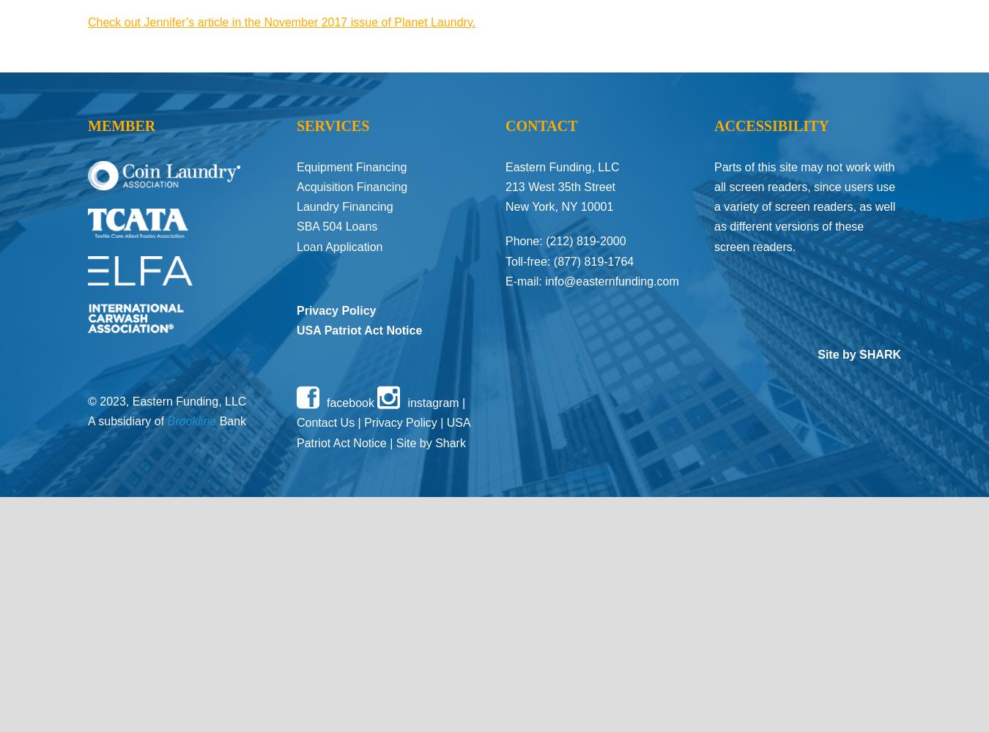 Image resolution: width=989 pixels, height=732 pixels. Describe the element at coordinates (336, 226) in the screenshot. I see `'SBA 504 Loans'` at that location.